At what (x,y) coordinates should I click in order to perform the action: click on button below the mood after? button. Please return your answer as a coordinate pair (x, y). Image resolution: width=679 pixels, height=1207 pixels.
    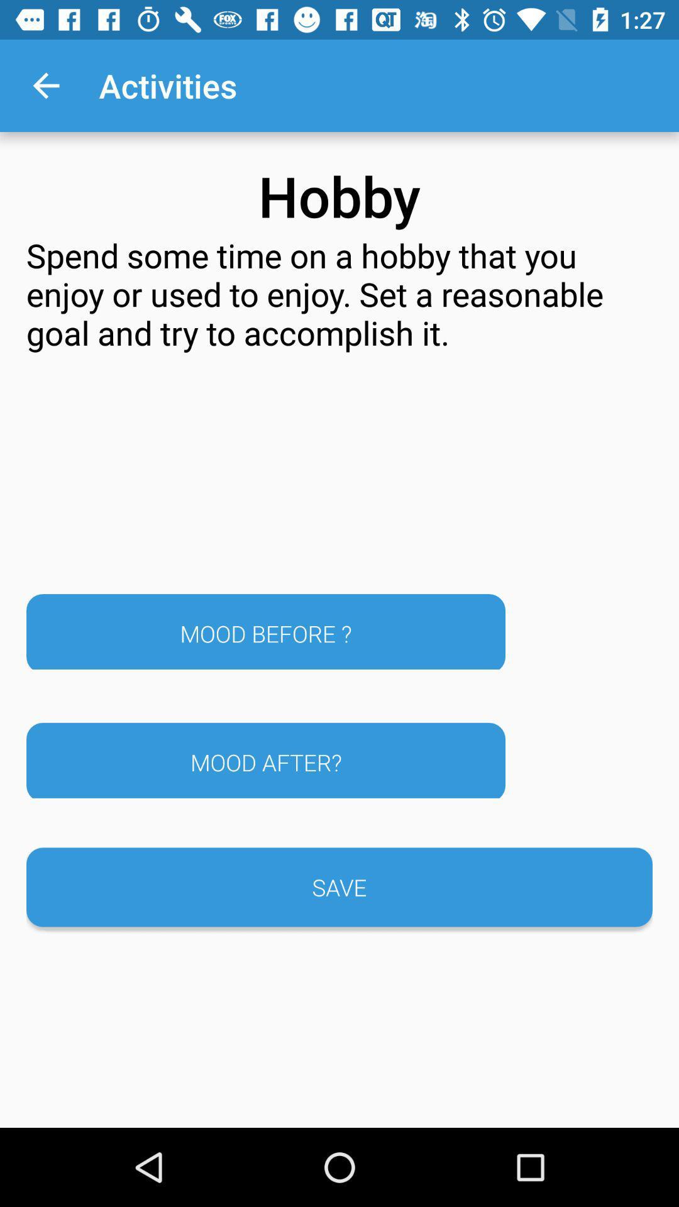
    Looking at the image, I should click on (339, 886).